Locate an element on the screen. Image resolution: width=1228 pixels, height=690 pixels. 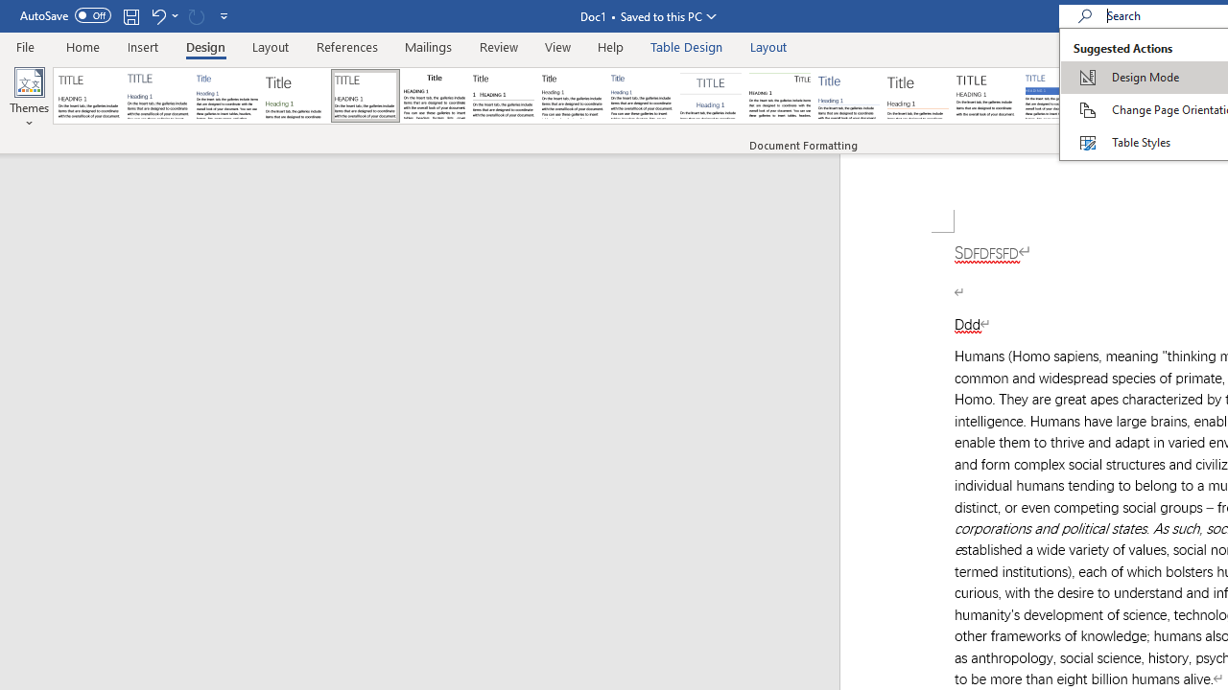
'Undo Apply Quick Style Set' is located at coordinates (157, 15).